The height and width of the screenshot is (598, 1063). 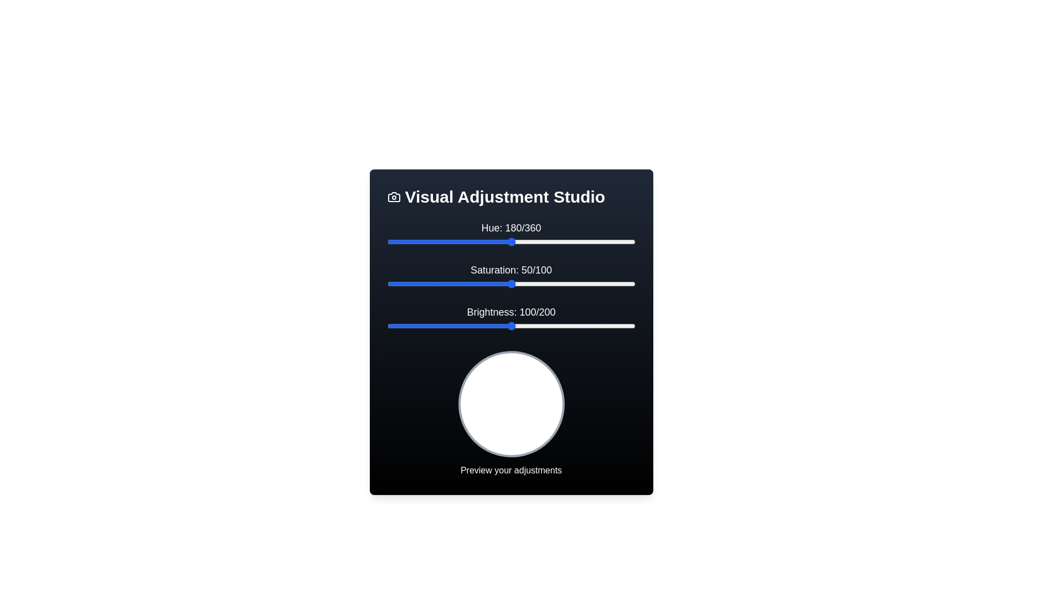 I want to click on the 'Saturation' slider to 65 within its range, so click(x=548, y=283).